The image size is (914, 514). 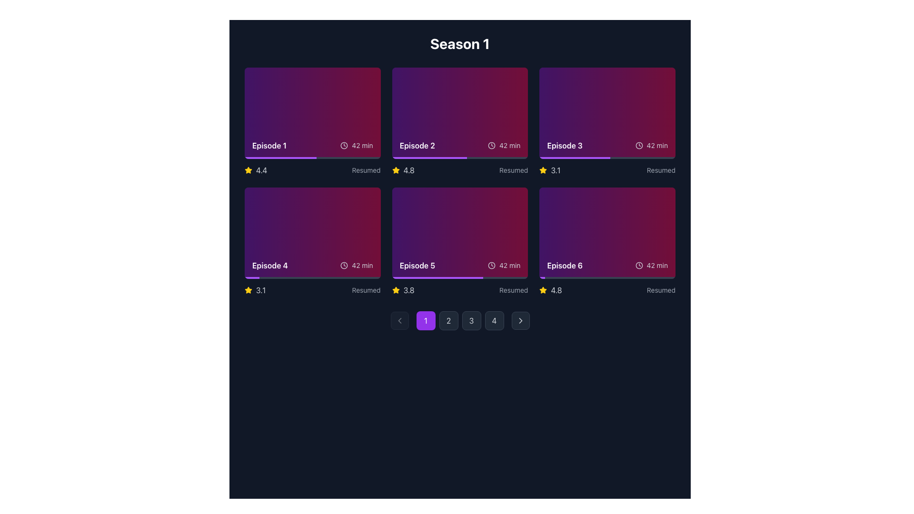 What do you see at coordinates (556, 289) in the screenshot?
I see `the static text label displaying the rating score of 4.8 for 'Episode 6', located in the bottom-right corner of the grid layout` at bounding box center [556, 289].